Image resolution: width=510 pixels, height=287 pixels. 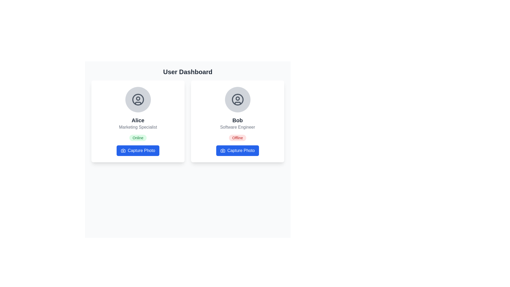 I want to click on the status badge labeled 'Offline' with a red background located below the 'Software Engineer' title for user 'Bob', positioned above the 'Capture Photo' button, so click(x=237, y=138).